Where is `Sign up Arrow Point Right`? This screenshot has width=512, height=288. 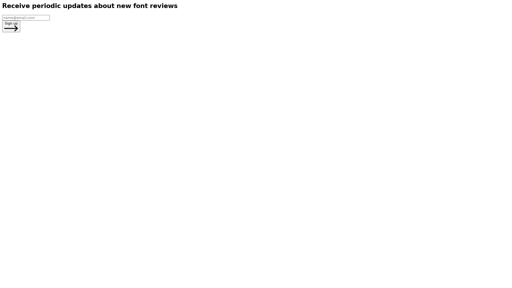
Sign up Arrow Point Right is located at coordinates (11, 26).